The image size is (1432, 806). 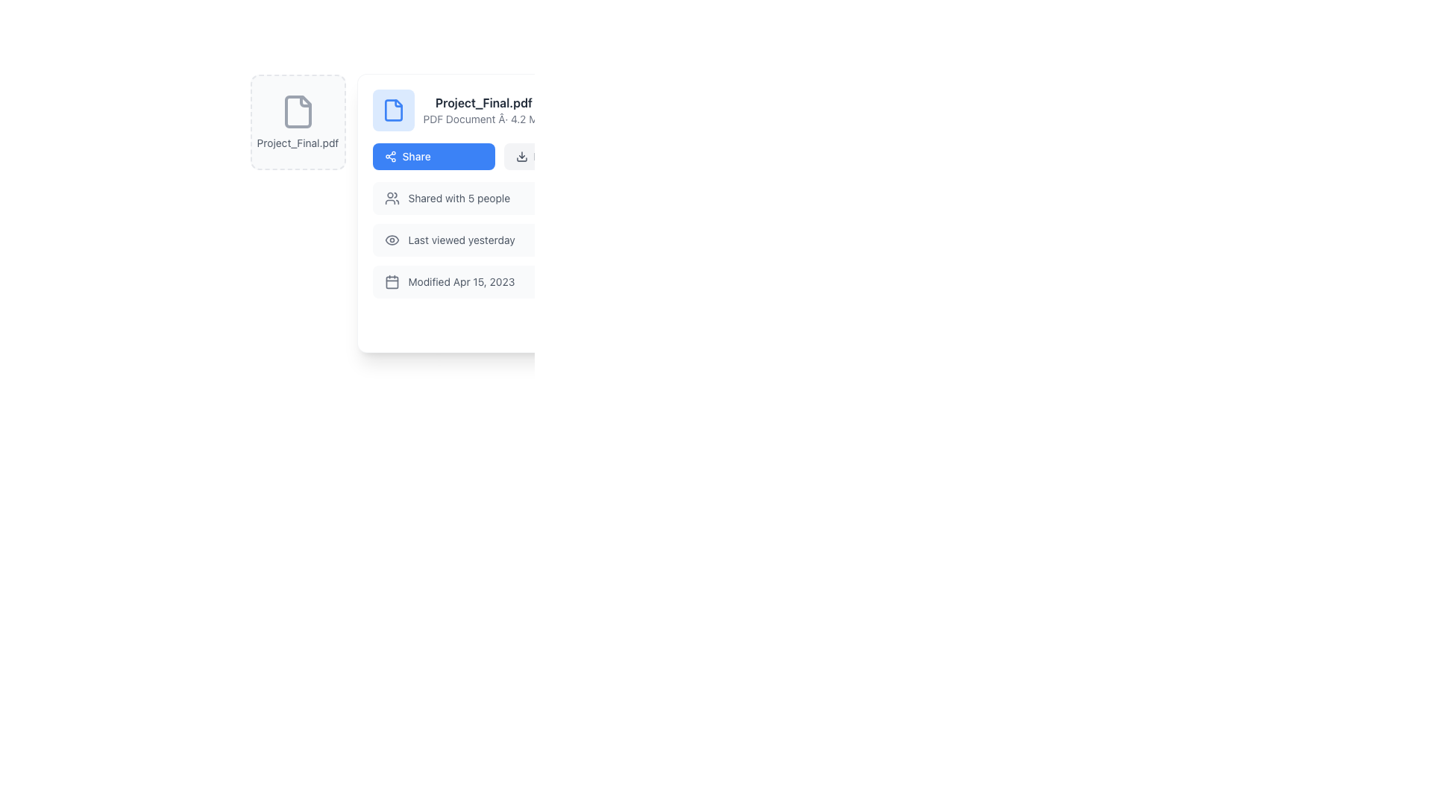 I want to click on the Text Display that informs users about the type and size of the file 'Project_Final.pdf', located beneath the file name in the details pane of the document management interface, so click(x=483, y=118).